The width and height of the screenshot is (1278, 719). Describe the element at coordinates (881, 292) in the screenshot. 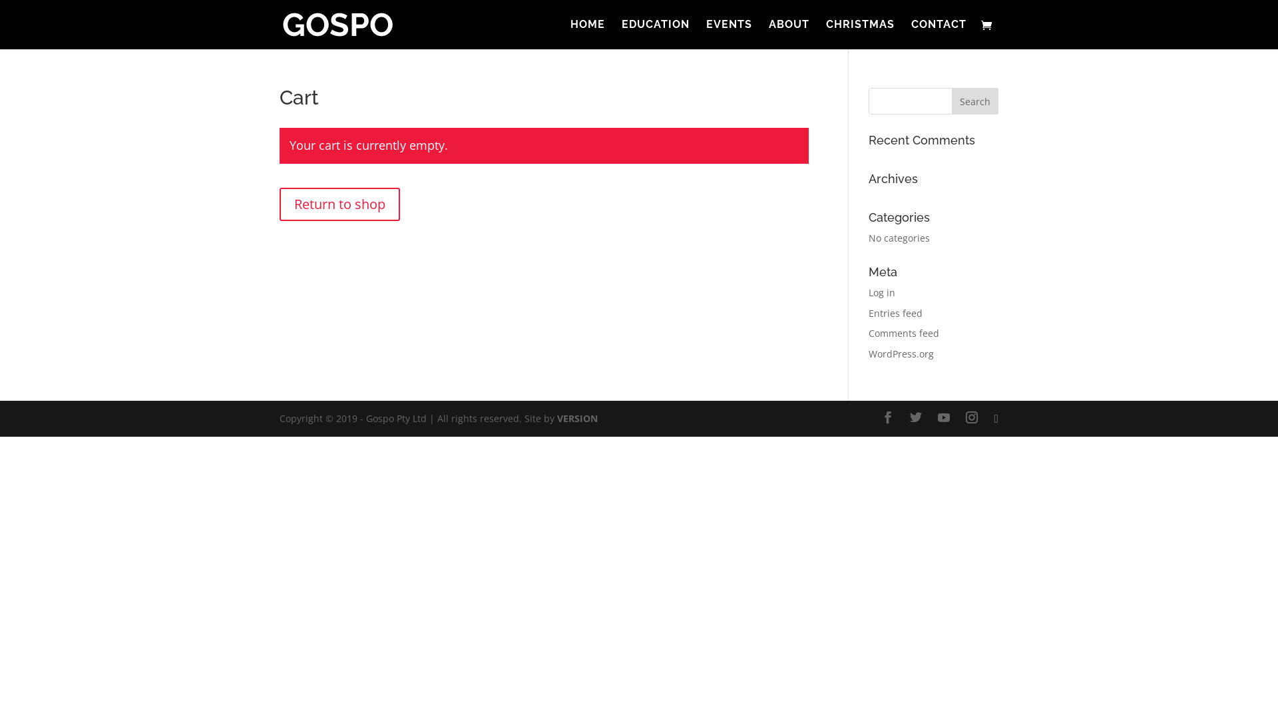

I see `'Log in'` at that location.